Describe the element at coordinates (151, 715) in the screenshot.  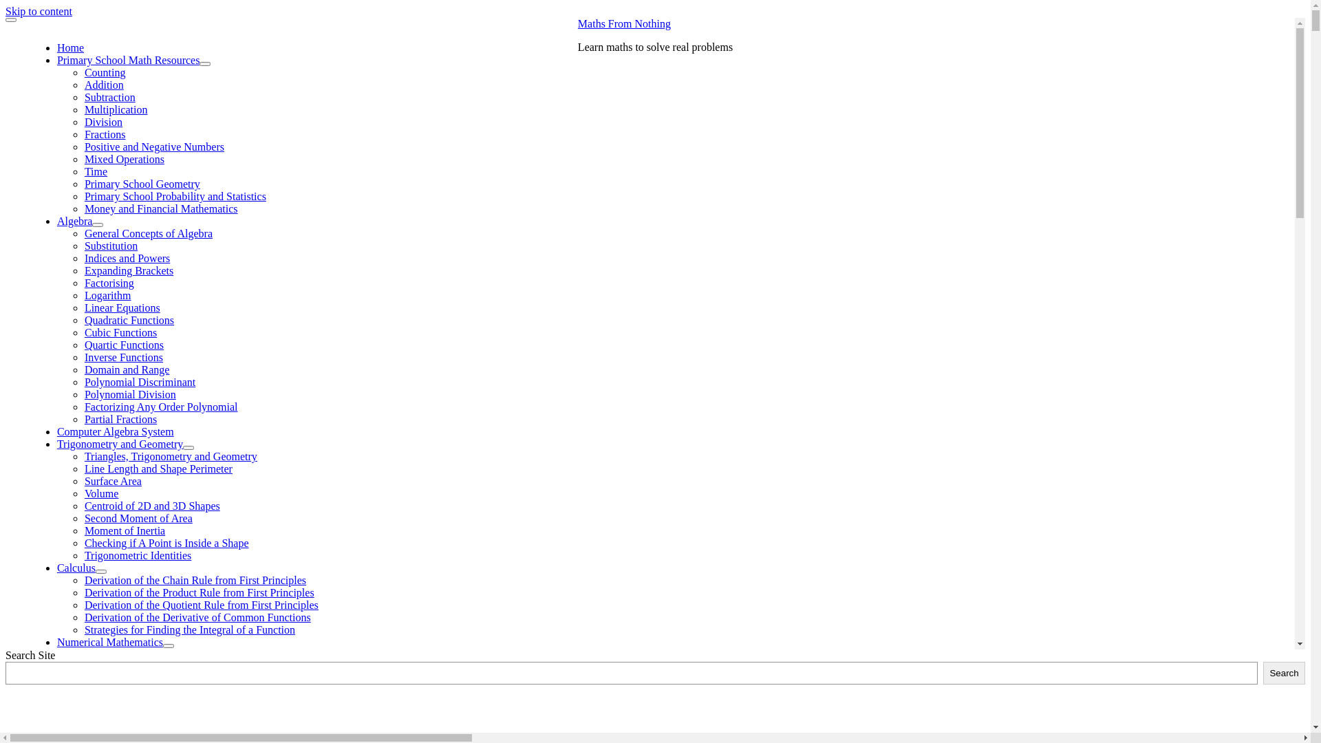
I see `'Bisection Method'` at that location.